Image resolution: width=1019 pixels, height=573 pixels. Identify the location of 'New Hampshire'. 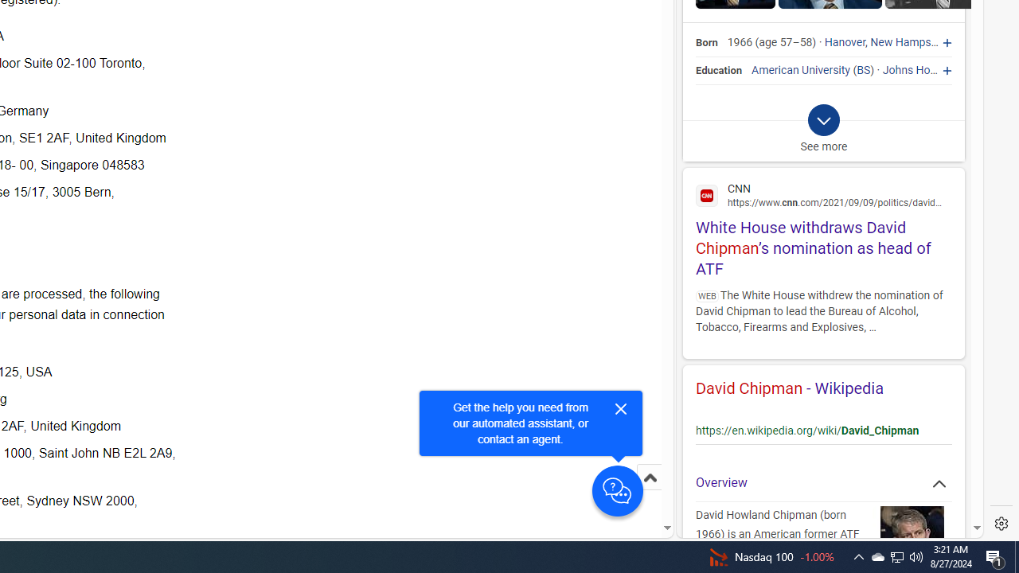
(910, 42).